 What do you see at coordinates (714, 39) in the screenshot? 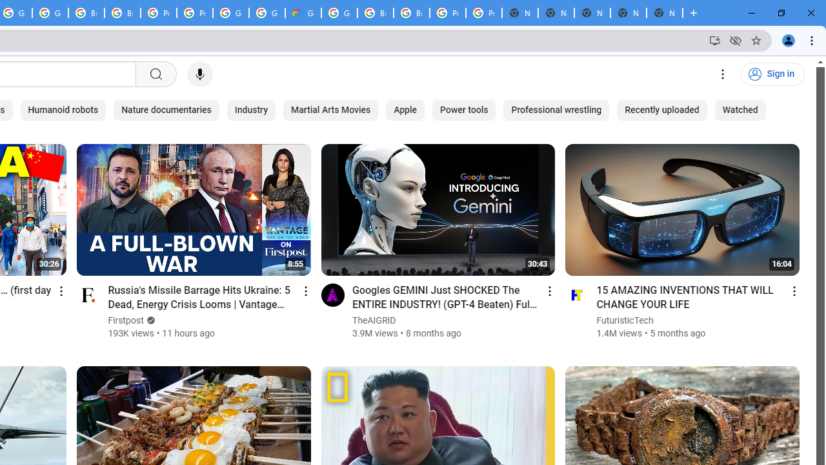
I see `'Install YouTube'` at bounding box center [714, 39].